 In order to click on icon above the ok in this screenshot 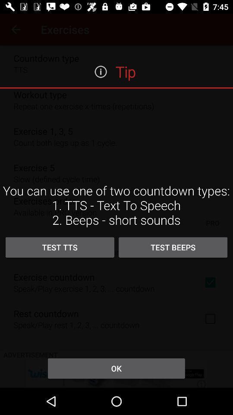, I will do `click(59, 247)`.